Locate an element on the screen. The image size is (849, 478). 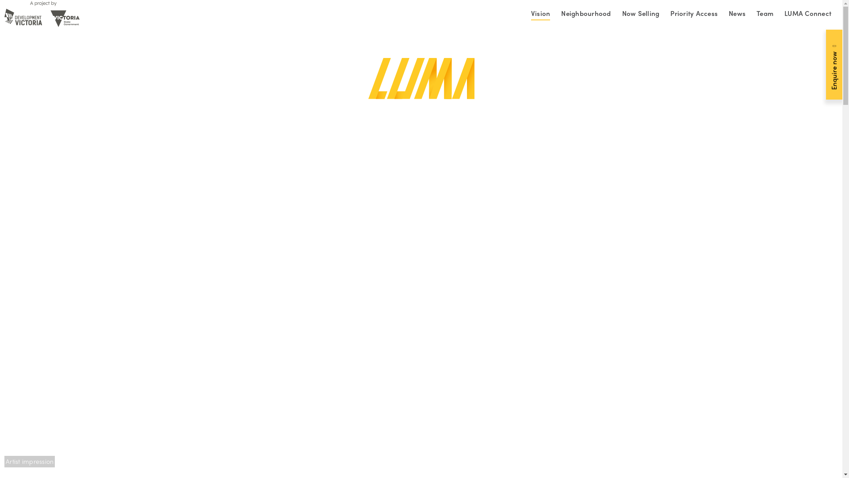
'Neighbourhood' is located at coordinates (585, 15).